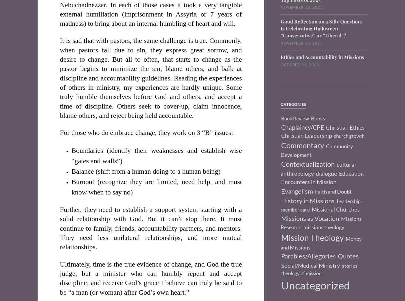 Image resolution: width=405 pixels, height=301 pixels. I want to click on 'Uncategorized', so click(281, 285).